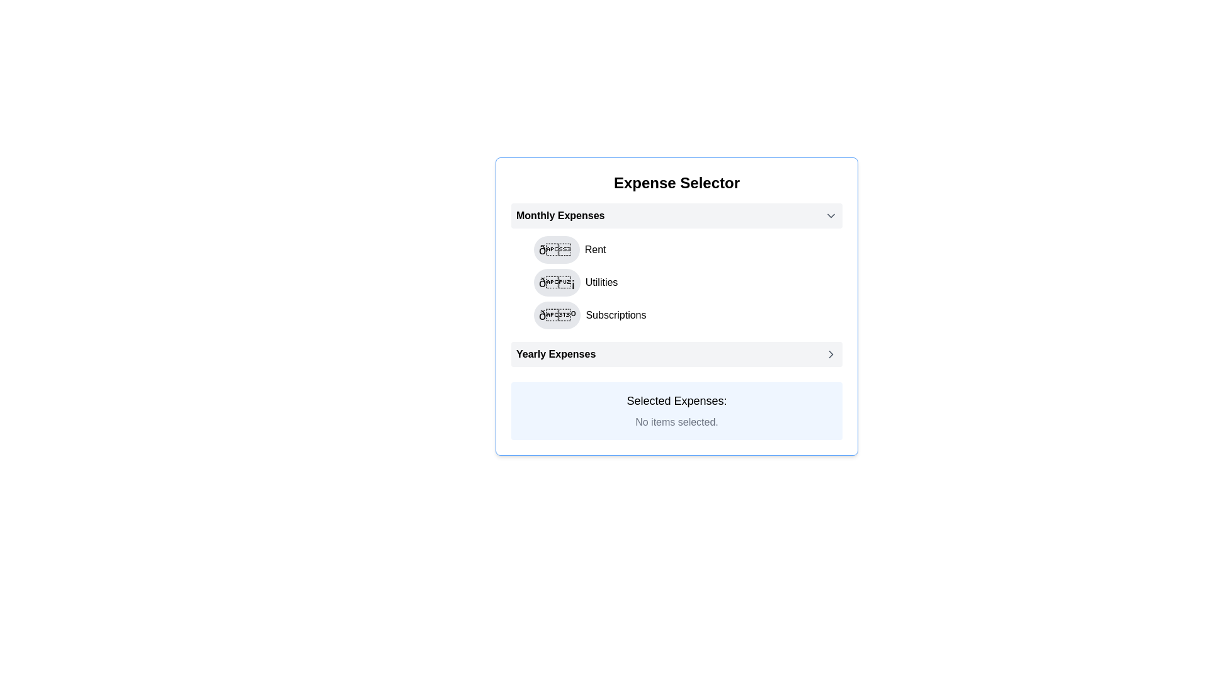 The width and height of the screenshot is (1209, 680). I want to click on the third interactive list item under the 'Monthly Expenses' section, so click(686, 315).